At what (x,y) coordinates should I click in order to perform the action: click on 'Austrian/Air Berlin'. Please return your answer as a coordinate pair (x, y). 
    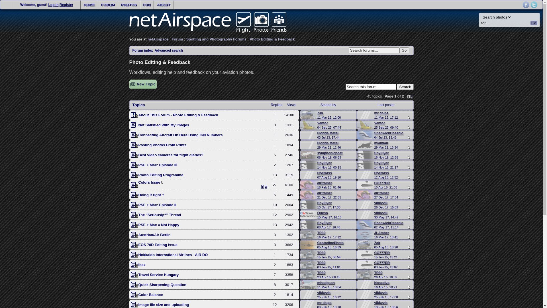
    Looking at the image, I should click on (154, 235).